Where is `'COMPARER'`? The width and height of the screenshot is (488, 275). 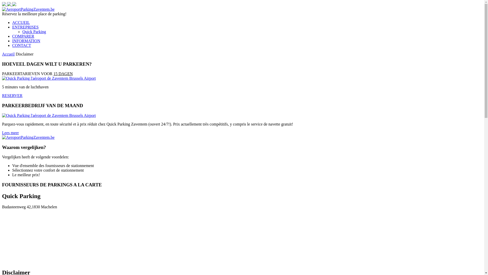 'COMPARER' is located at coordinates (23, 36).